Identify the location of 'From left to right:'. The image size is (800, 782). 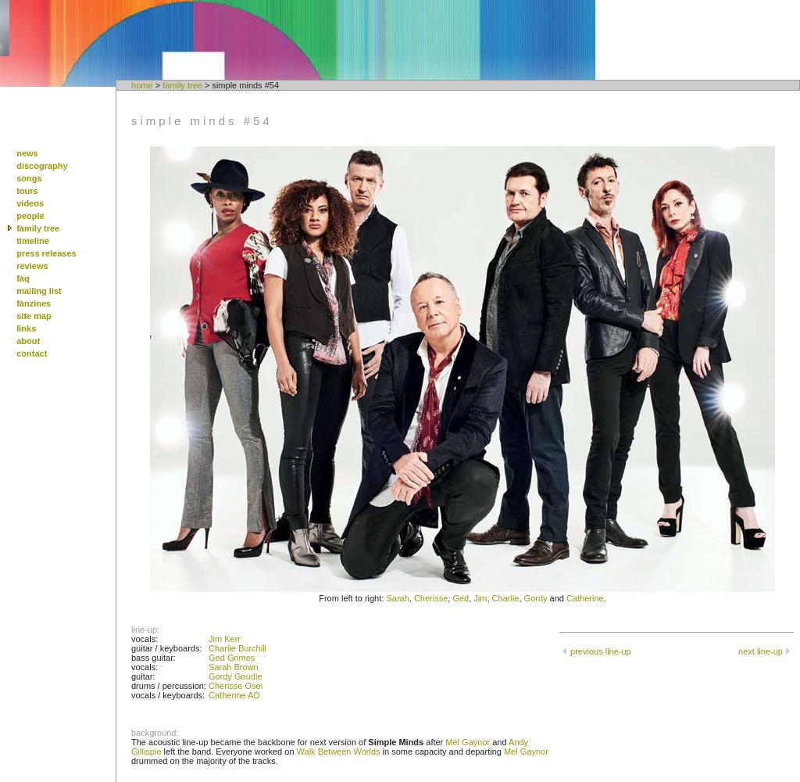
(352, 598).